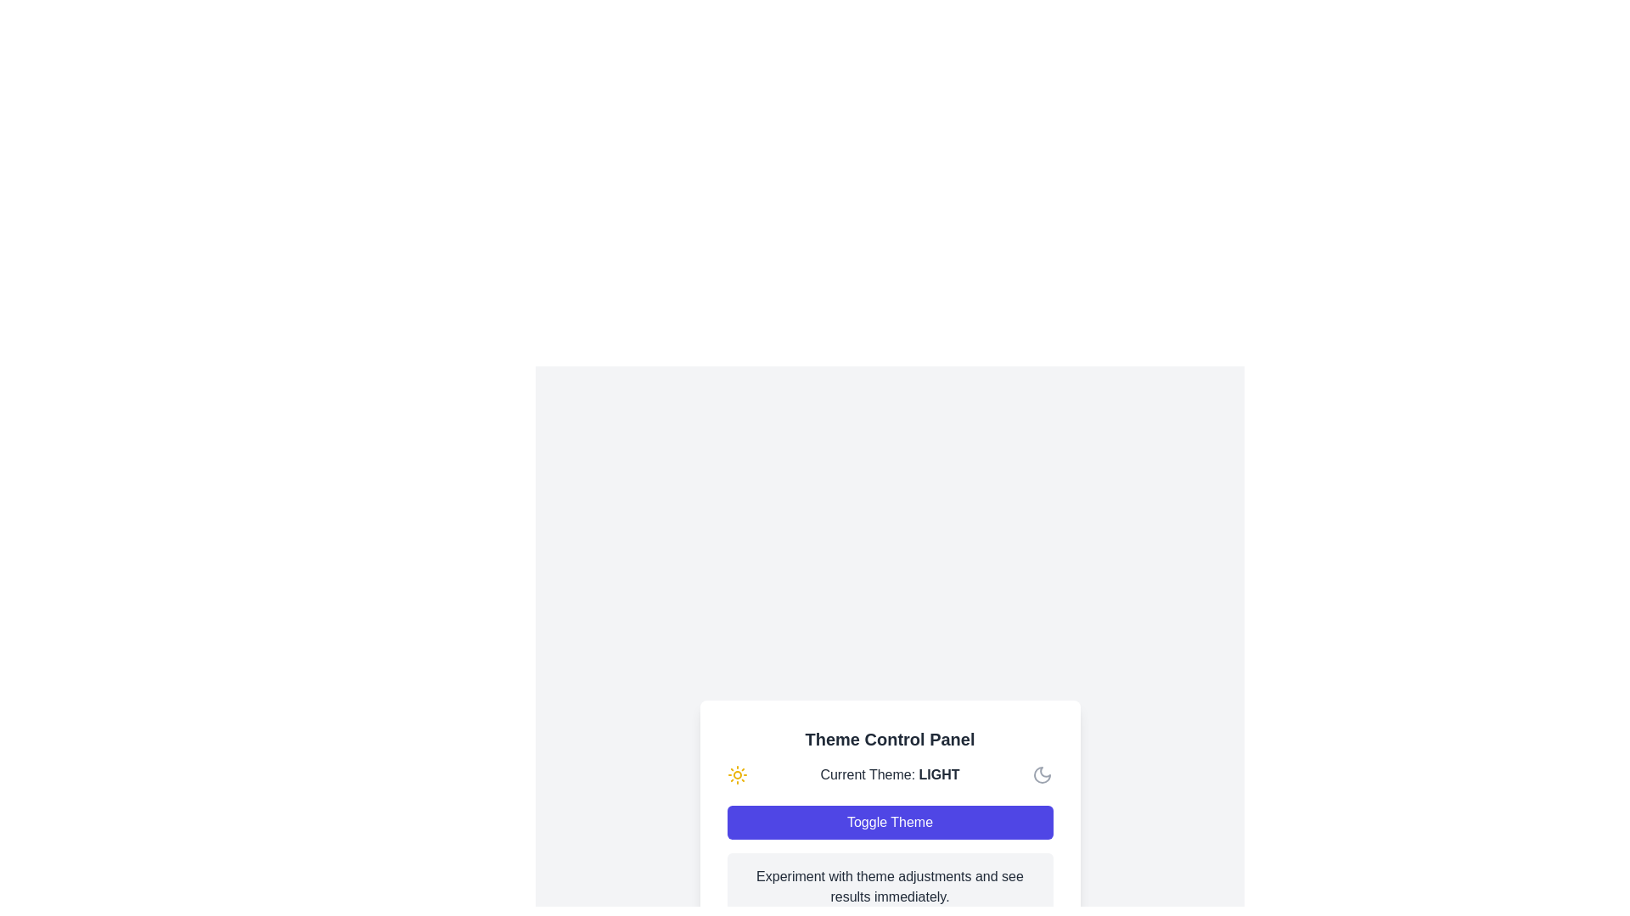 The image size is (1630, 916). What do you see at coordinates (889, 821) in the screenshot?
I see `the 'Toggle Theme' button, which is a rectangular button with a solid indigo background and white text` at bounding box center [889, 821].